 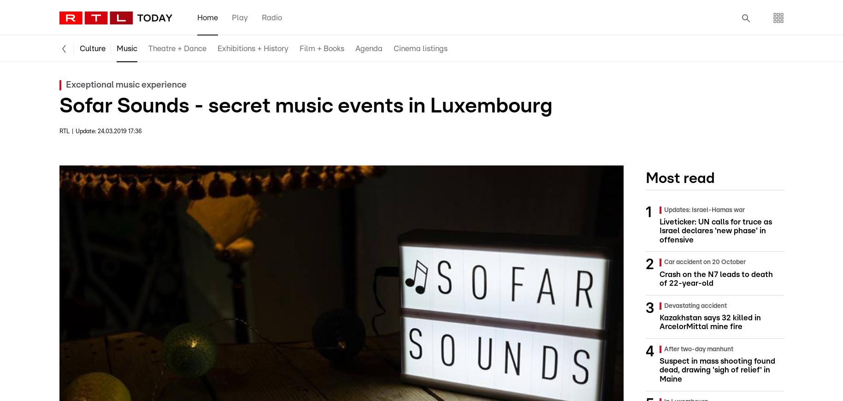 What do you see at coordinates (92, 48) in the screenshot?
I see `'Culture'` at bounding box center [92, 48].